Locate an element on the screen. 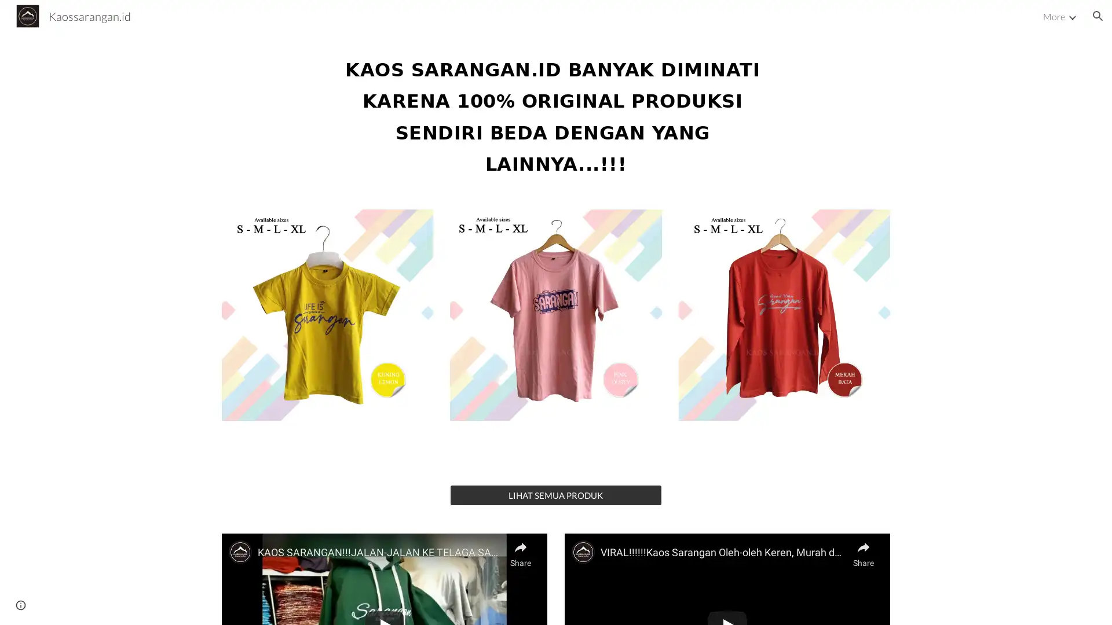 This screenshot has height=625, width=1112. Google Sites is located at coordinates (89, 604).